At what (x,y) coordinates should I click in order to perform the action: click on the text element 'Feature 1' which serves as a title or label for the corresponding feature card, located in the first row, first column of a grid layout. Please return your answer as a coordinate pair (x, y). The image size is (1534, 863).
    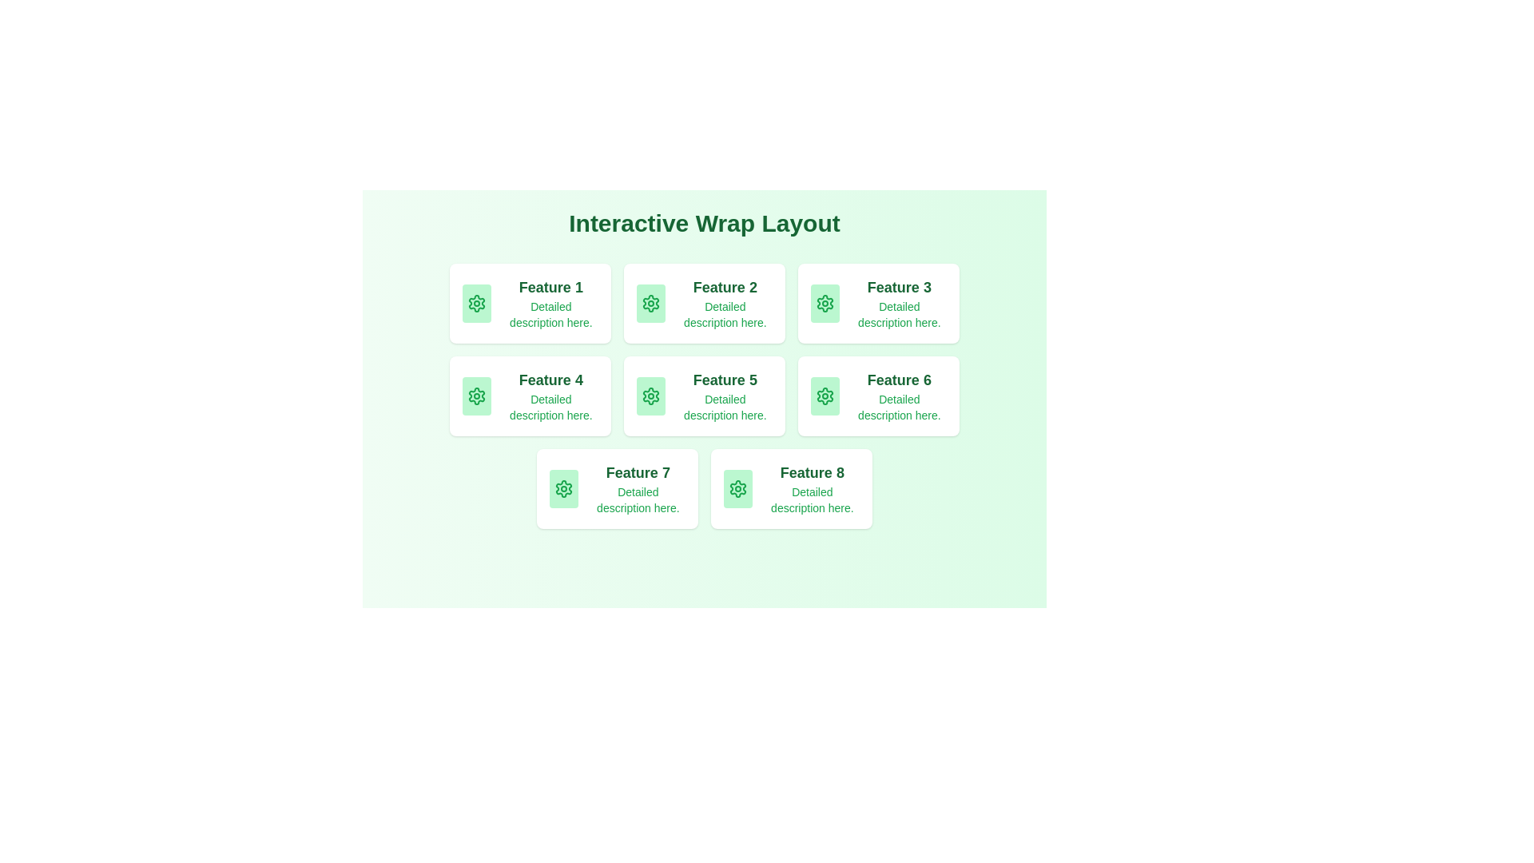
    Looking at the image, I should click on (550, 286).